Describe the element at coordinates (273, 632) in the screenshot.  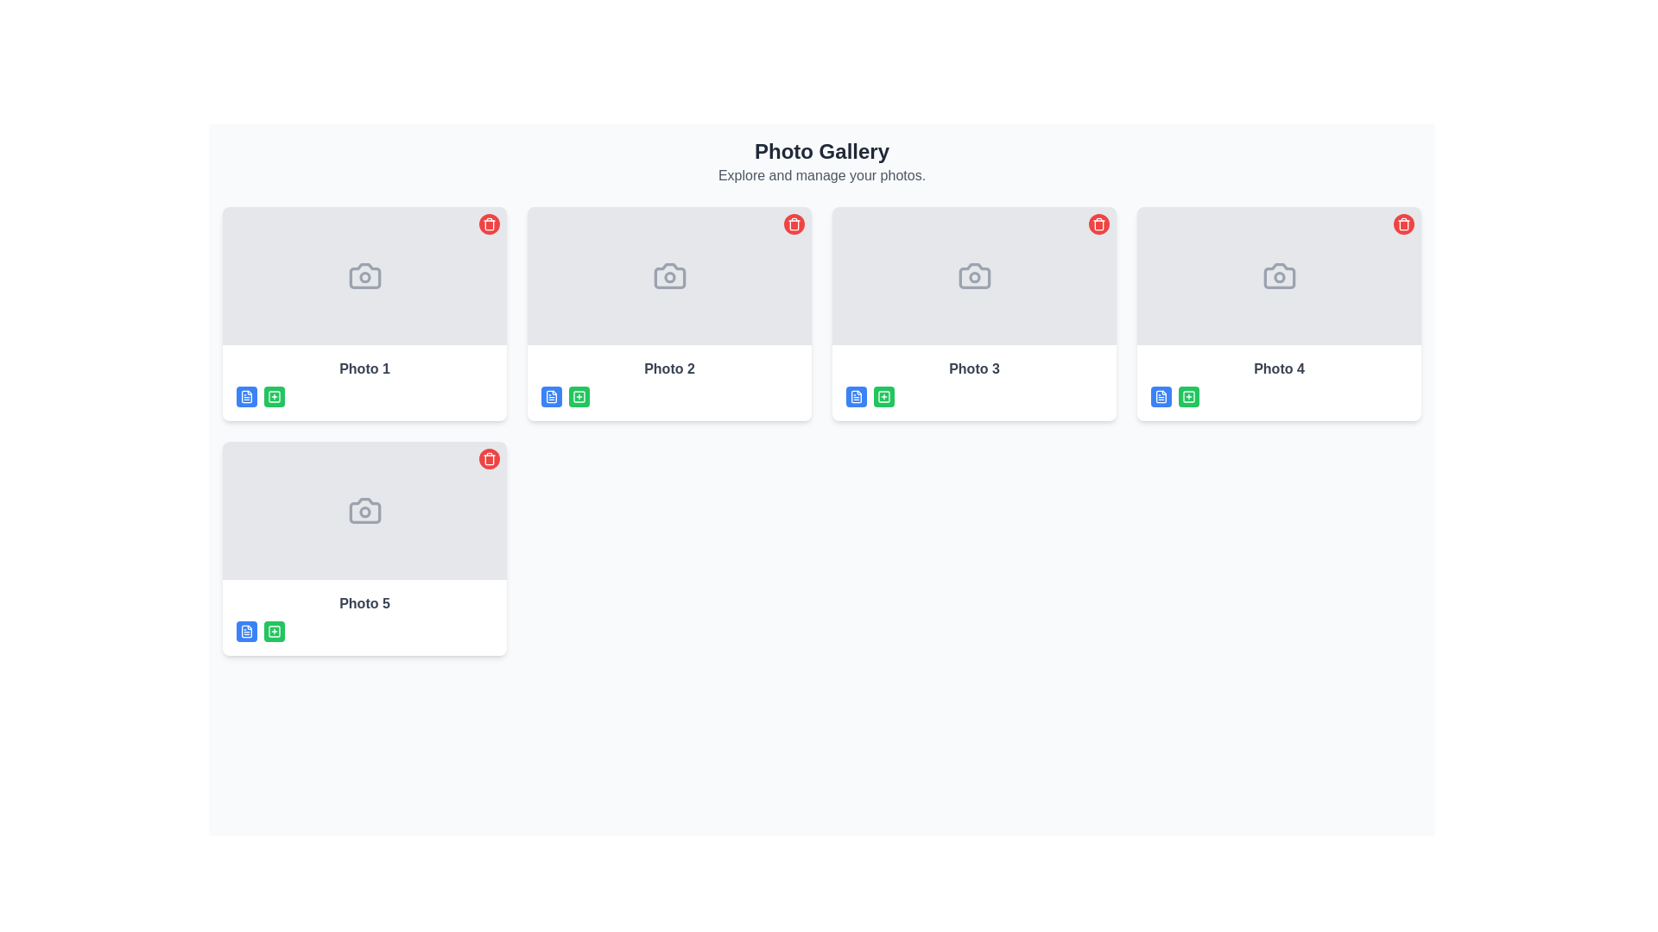
I see `the rectangular shape with rounded corners inside the square icon with a '+' symbol, which is centrally positioned within the 'Photo 5' card` at that location.